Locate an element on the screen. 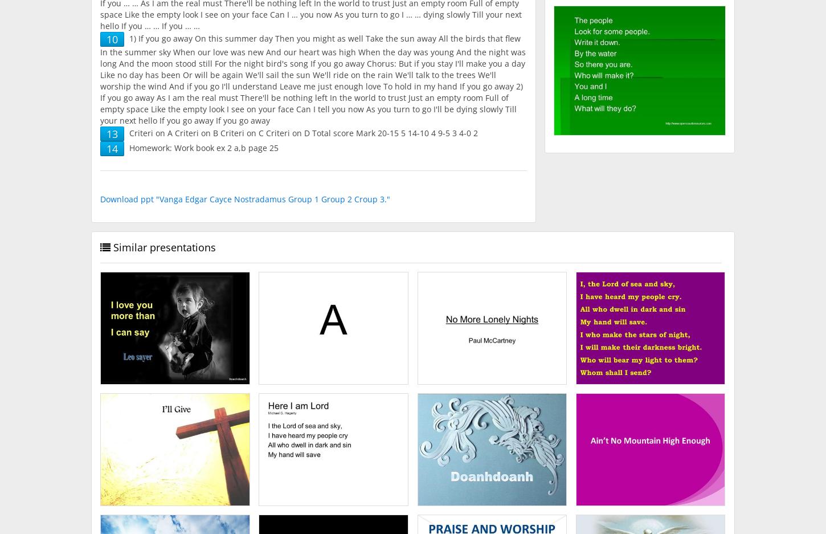 This screenshot has height=534, width=826. 'A.' is located at coordinates (333, 329).